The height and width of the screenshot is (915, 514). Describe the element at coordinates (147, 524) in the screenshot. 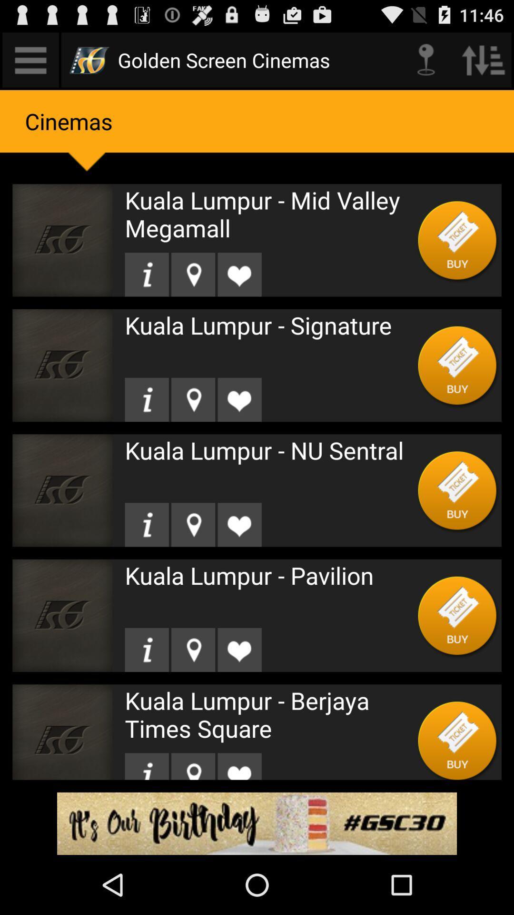

I see `open information` at that location.